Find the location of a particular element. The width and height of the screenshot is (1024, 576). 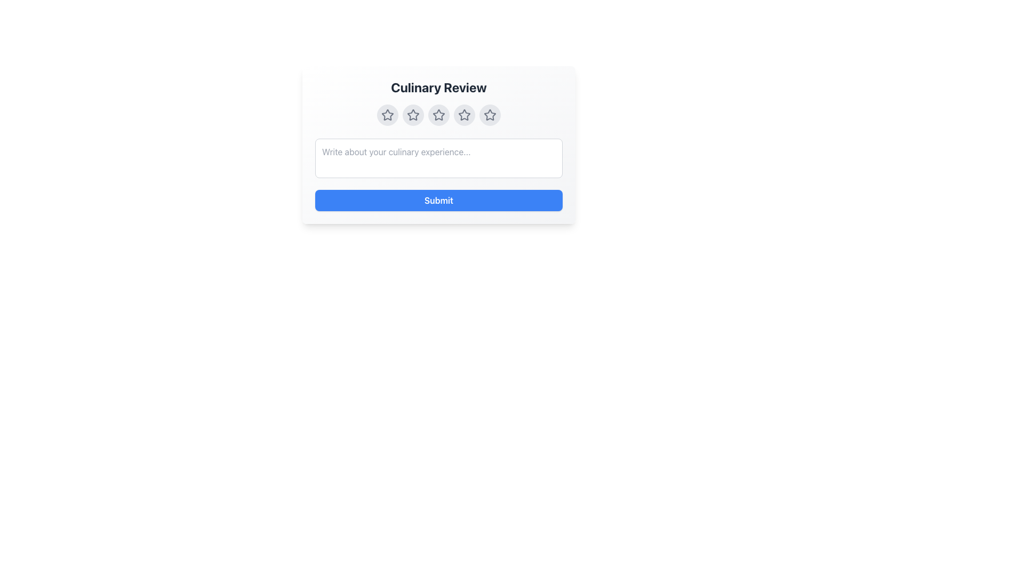

the fifth star icon in the rating system, which is located at the rightmost end of the star series above the culinary review text input field is located at coordinates (489, 115).